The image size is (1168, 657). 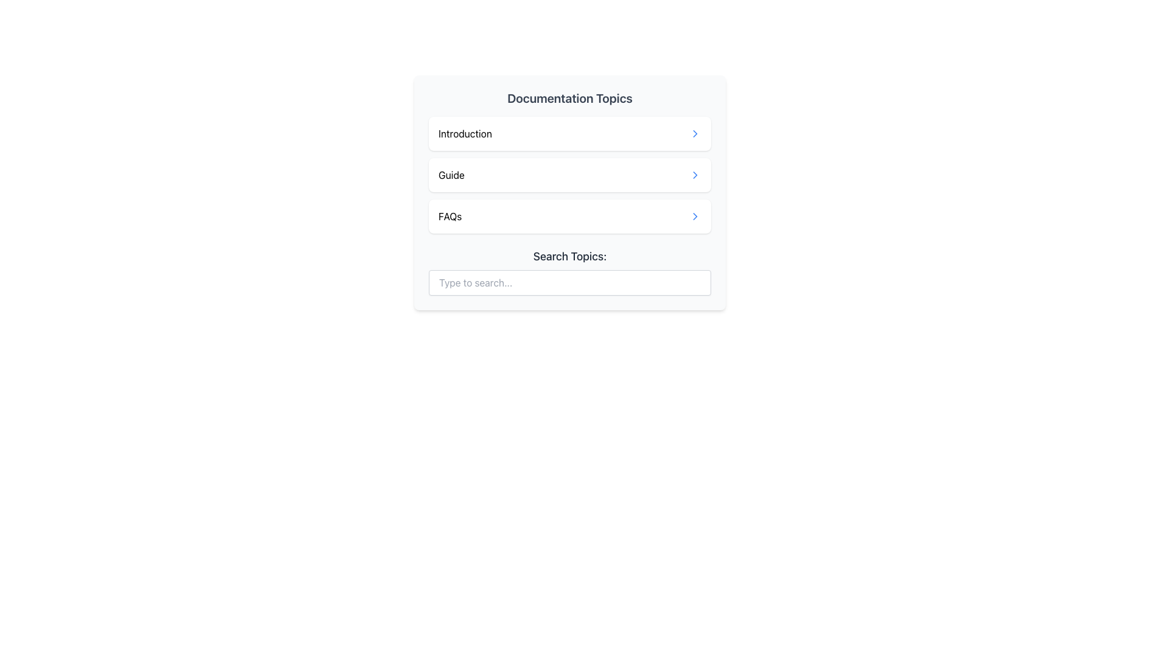 I want to click on the text label displaying 'Introduction' which is aligned to the left within a white box, positioned under the heading 'Documentation Topics', so click(x=464, y=133).